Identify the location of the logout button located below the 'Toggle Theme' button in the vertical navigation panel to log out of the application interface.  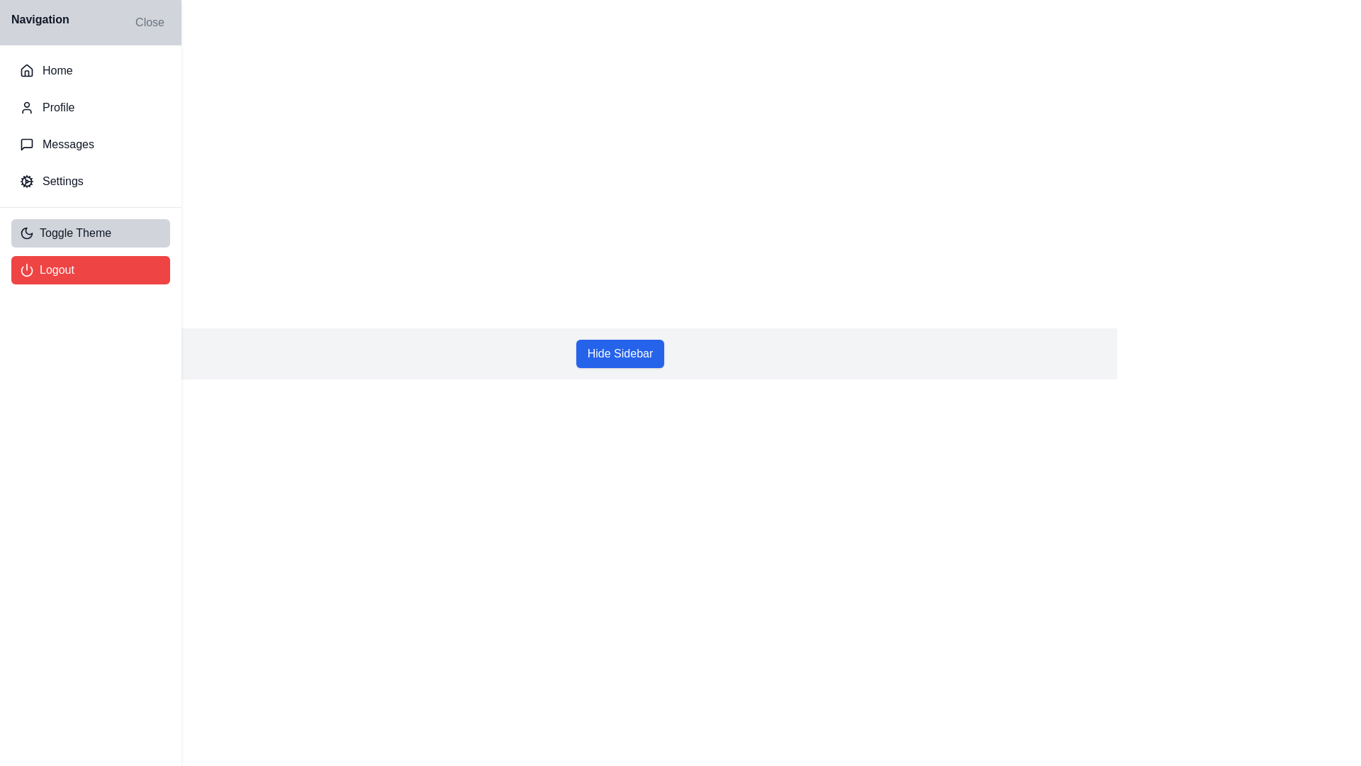
(90, 270).